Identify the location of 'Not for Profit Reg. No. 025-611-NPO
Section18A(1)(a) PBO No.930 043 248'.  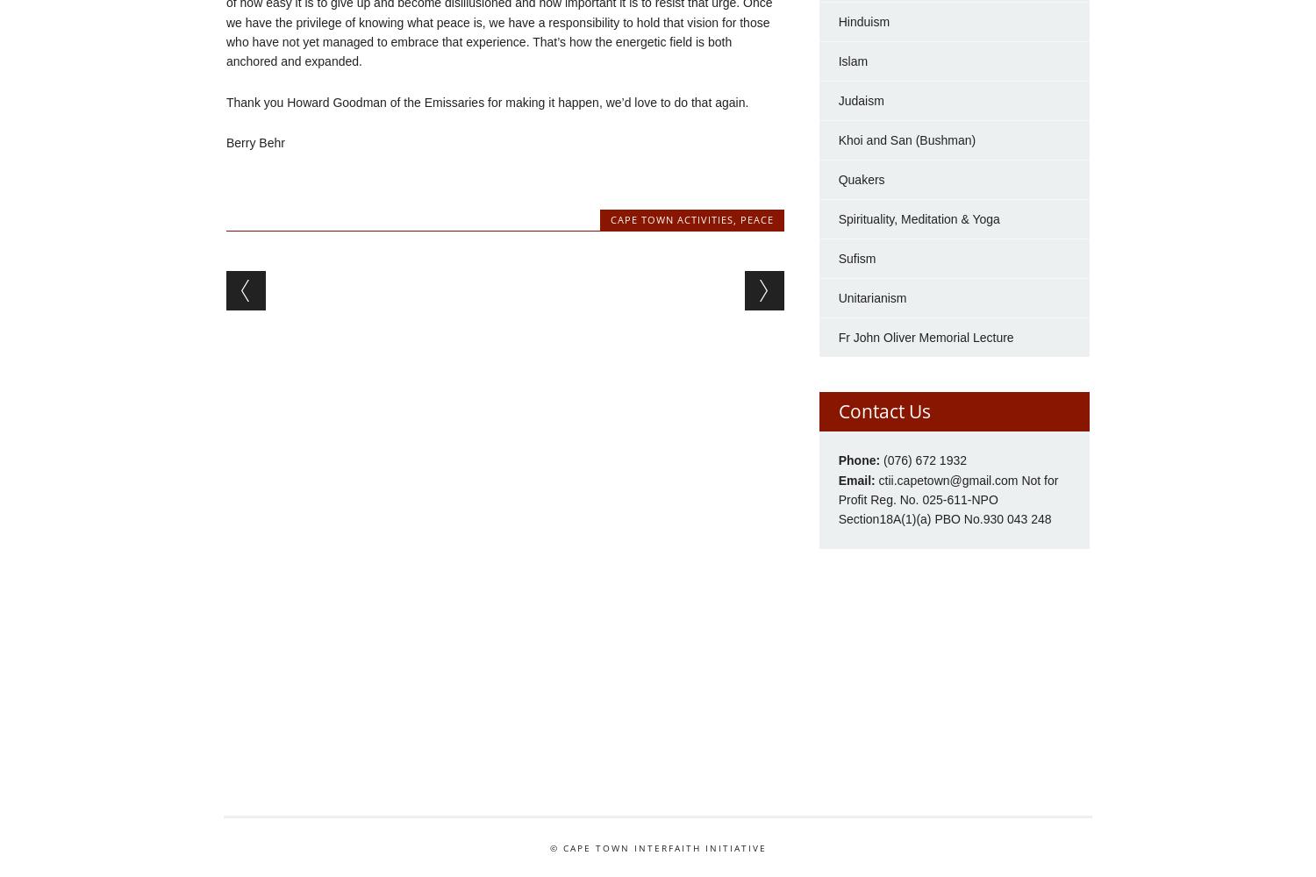
(947, 498).